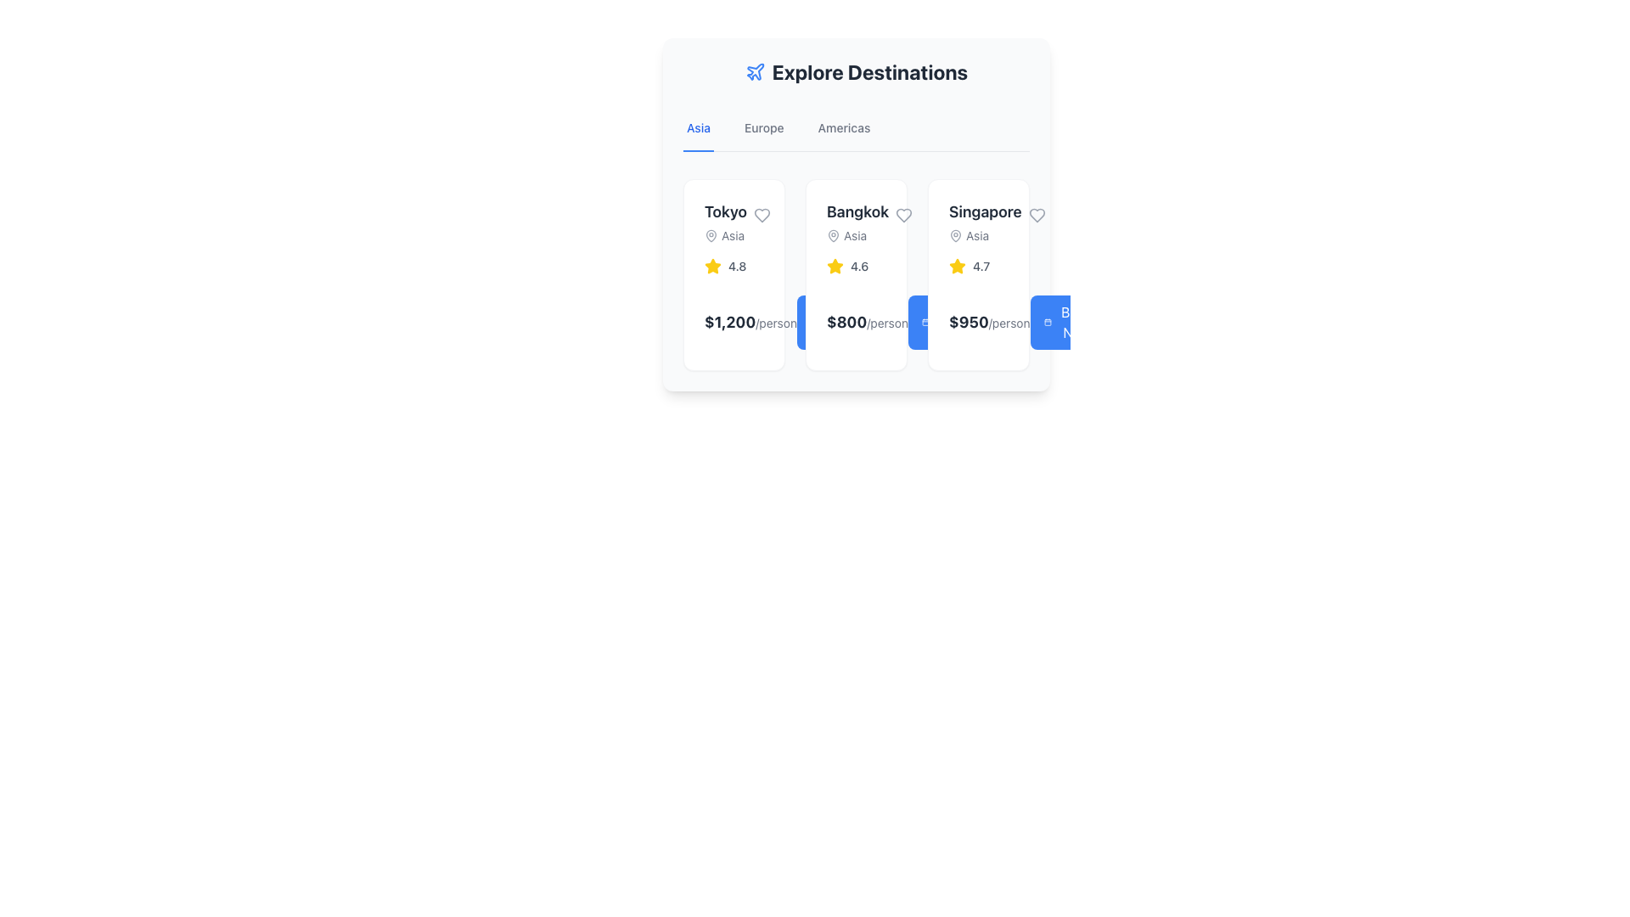 This screenshot has height=917, width=1630. Describe the element at coordinates (868, 323) in the screenshot. I see `the static text label displaying the pricing value '$800/person', which is centrally located within the second card of the destination cards` at that location.